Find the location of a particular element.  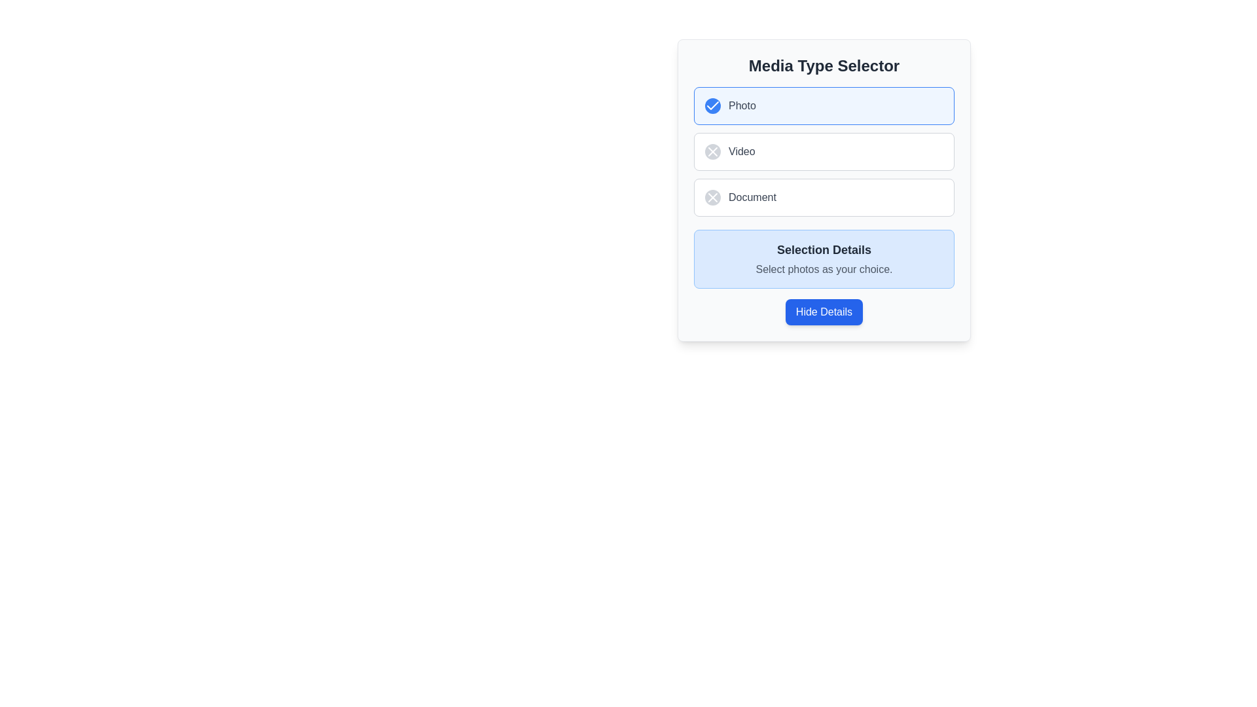

the unselected radio button labeled 'Video' within the 'Media Type Selector' group is located at coordinates (823, 151).